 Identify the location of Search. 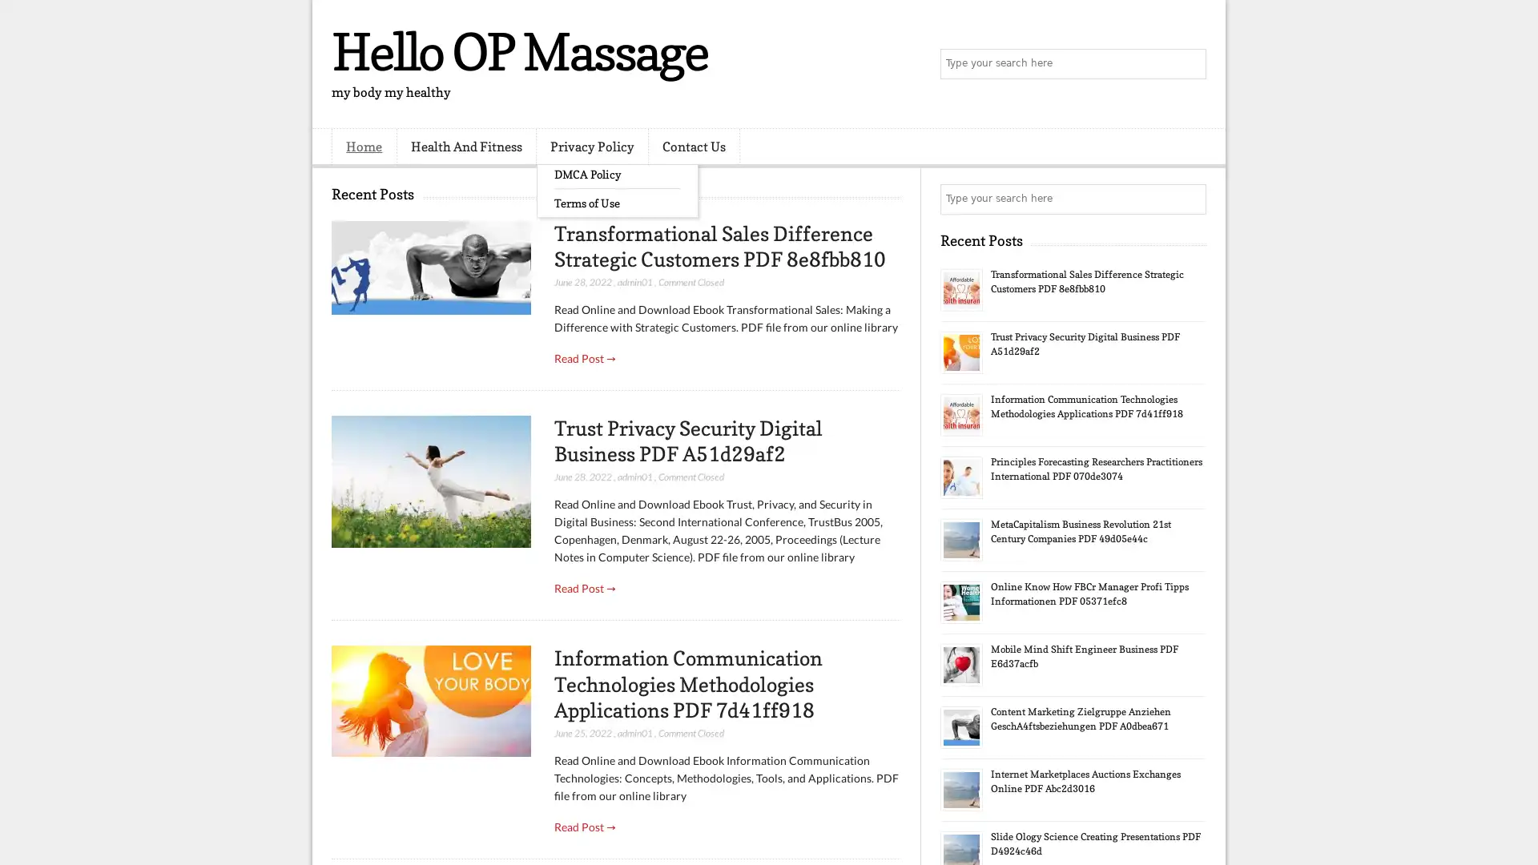
(1190, 199).